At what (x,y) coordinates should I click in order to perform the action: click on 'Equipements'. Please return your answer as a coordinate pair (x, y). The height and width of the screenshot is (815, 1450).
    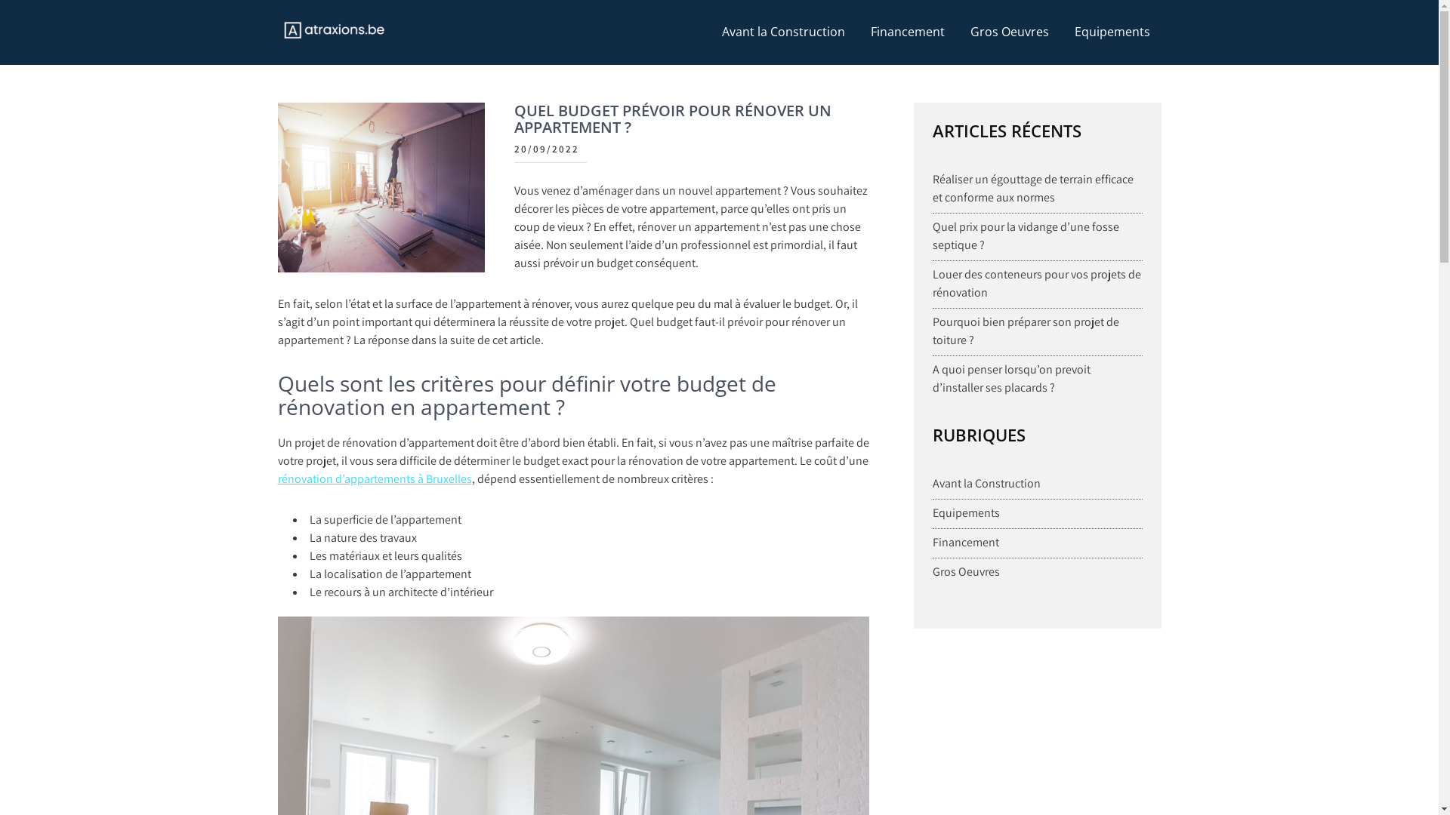
    Looking at the image, I should click on (1062, 32).